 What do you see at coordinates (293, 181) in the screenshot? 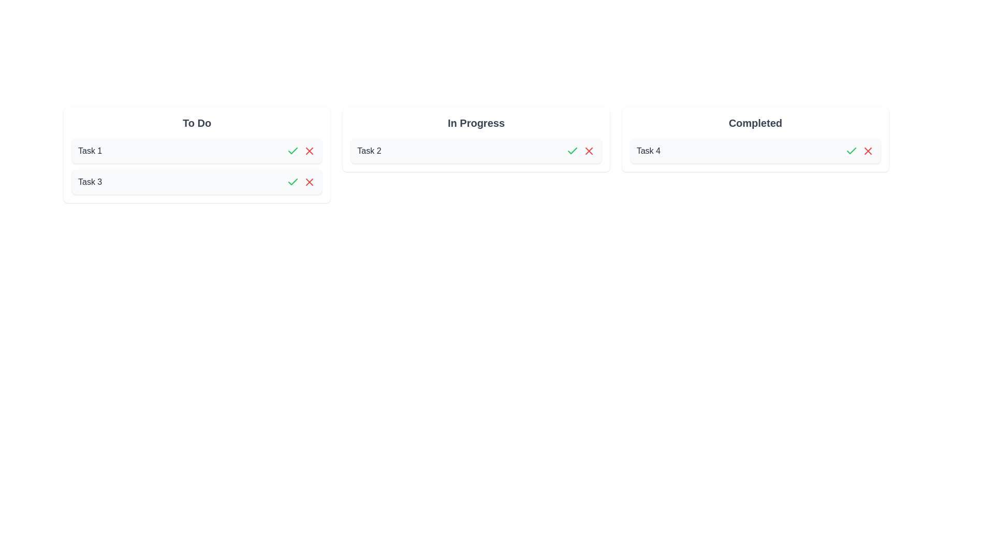
I see `the green checkmark button for the task named 'Task 3' to toggle its completion status` at bounding box center [293, 181].